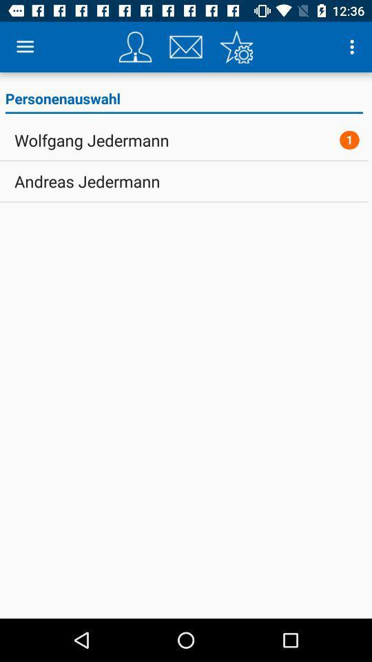 The height and width of the screenshot is (662, 372). I want to click on the item to the right of the wolfgang jedermann icon, so click(349, 140).